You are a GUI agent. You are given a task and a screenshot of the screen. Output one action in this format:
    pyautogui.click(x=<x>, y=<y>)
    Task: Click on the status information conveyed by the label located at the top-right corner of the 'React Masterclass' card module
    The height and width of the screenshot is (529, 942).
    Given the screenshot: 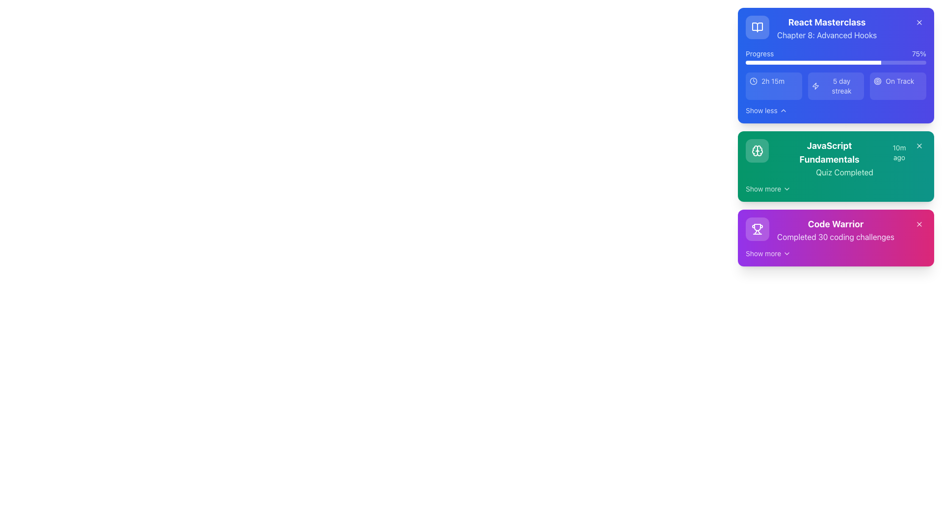 What is the action you would take?
    pyautogui.click(x=900, y=80)
    